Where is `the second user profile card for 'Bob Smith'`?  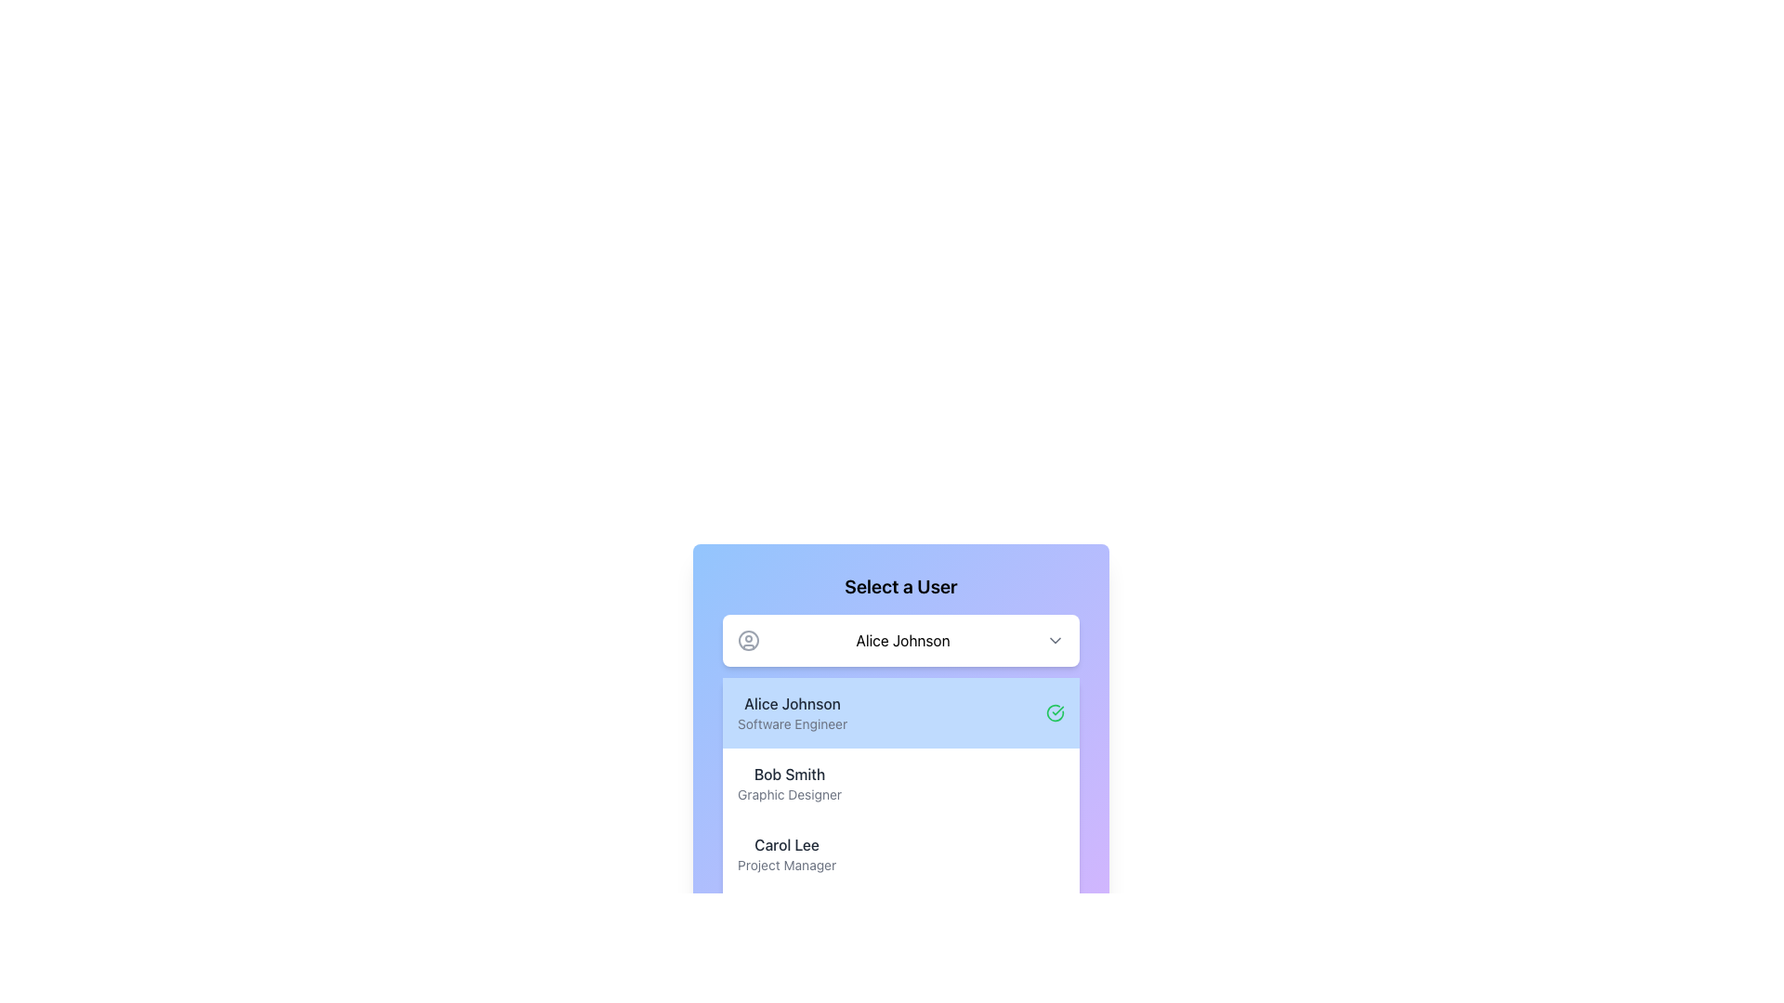 the second user profile card for 'Bob Smith' is located at coordinates (900, 788).